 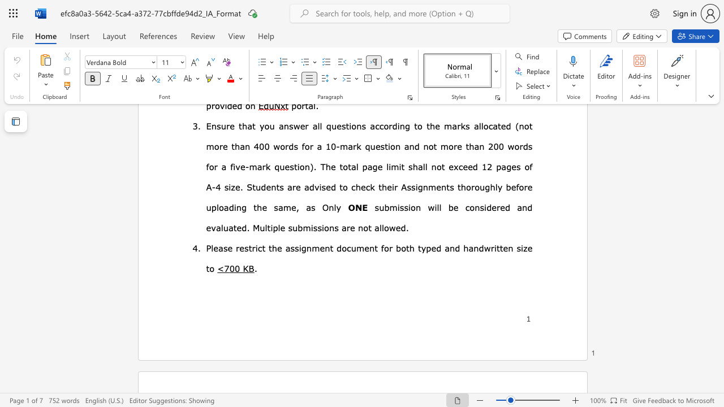 What do you see at coordinates (473, 247) in the screenshot?
I see `the subset text "nd" within the text "for both typed and handwritten"` at bounding box center [473, 247].